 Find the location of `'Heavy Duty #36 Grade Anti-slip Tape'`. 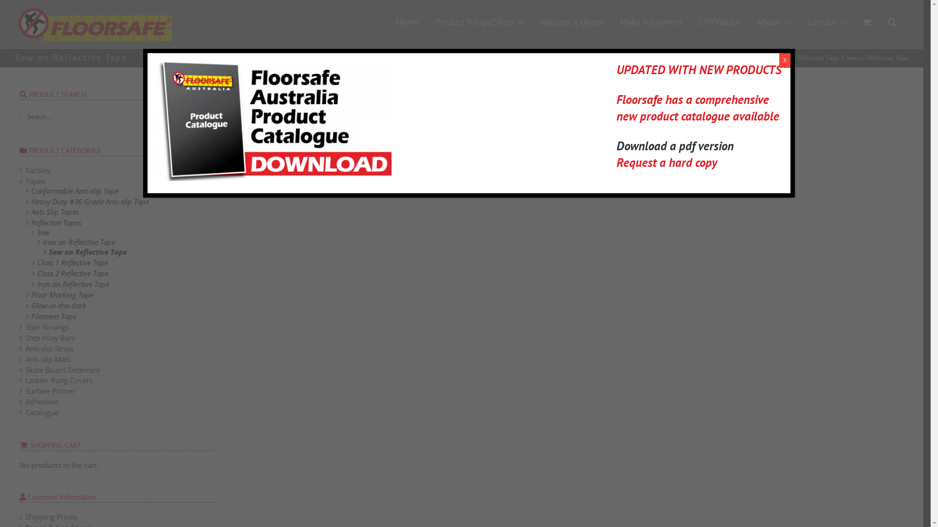

'Heavy Duty #36 Grade Anti-slip Tape' is located at coordinates (90, 201).